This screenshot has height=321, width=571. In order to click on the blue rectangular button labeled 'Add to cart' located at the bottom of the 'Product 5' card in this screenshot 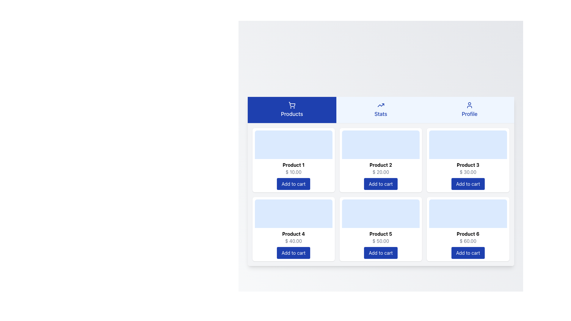, I will do `click(381, 253)`.